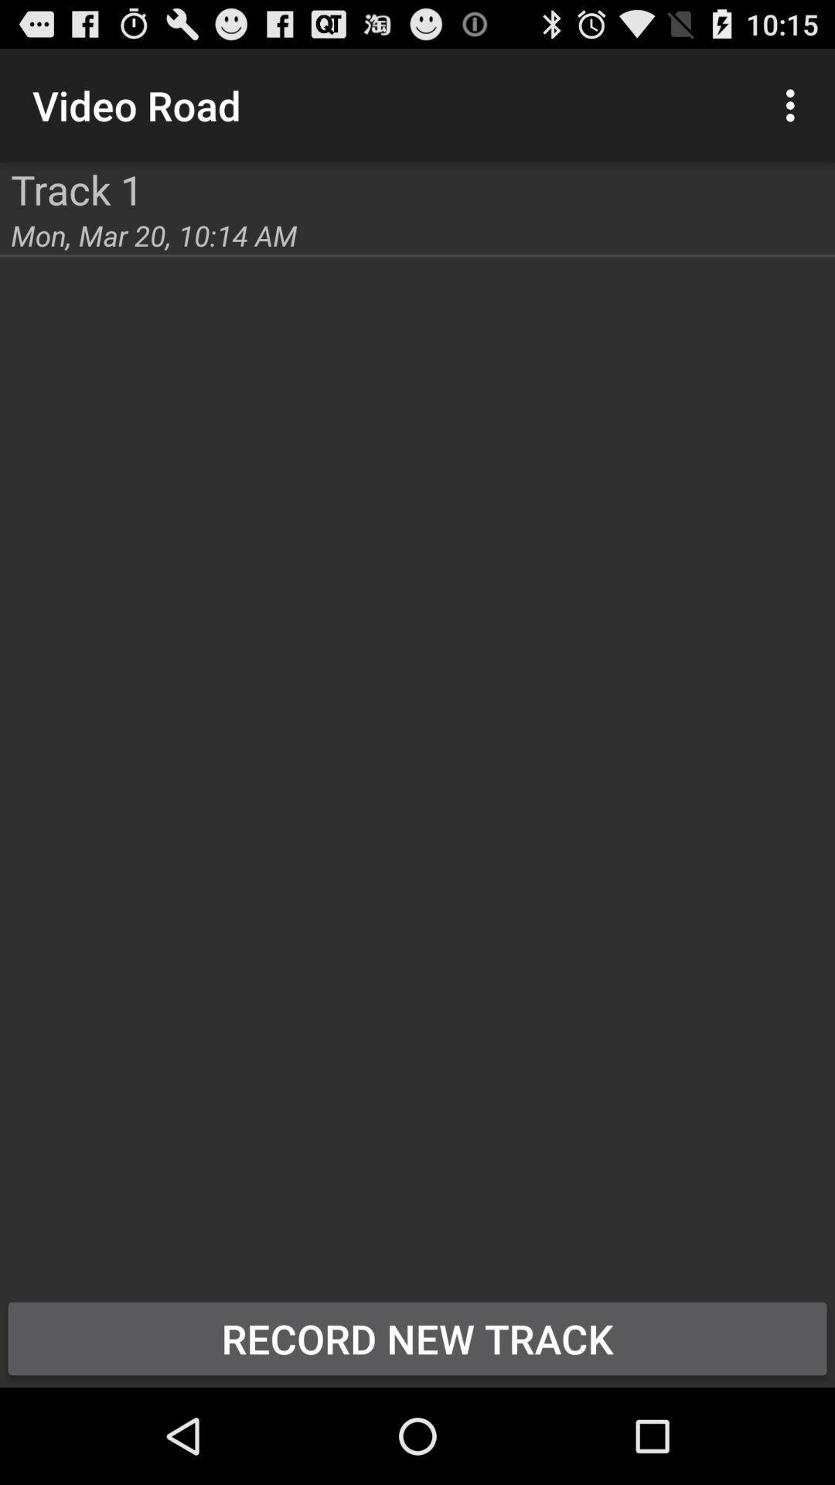 This screenshot has width=835, height=1485. Describe the element at coordinates (794, 104) in the screenshot. I see `icon next to the video road icon` at that location.